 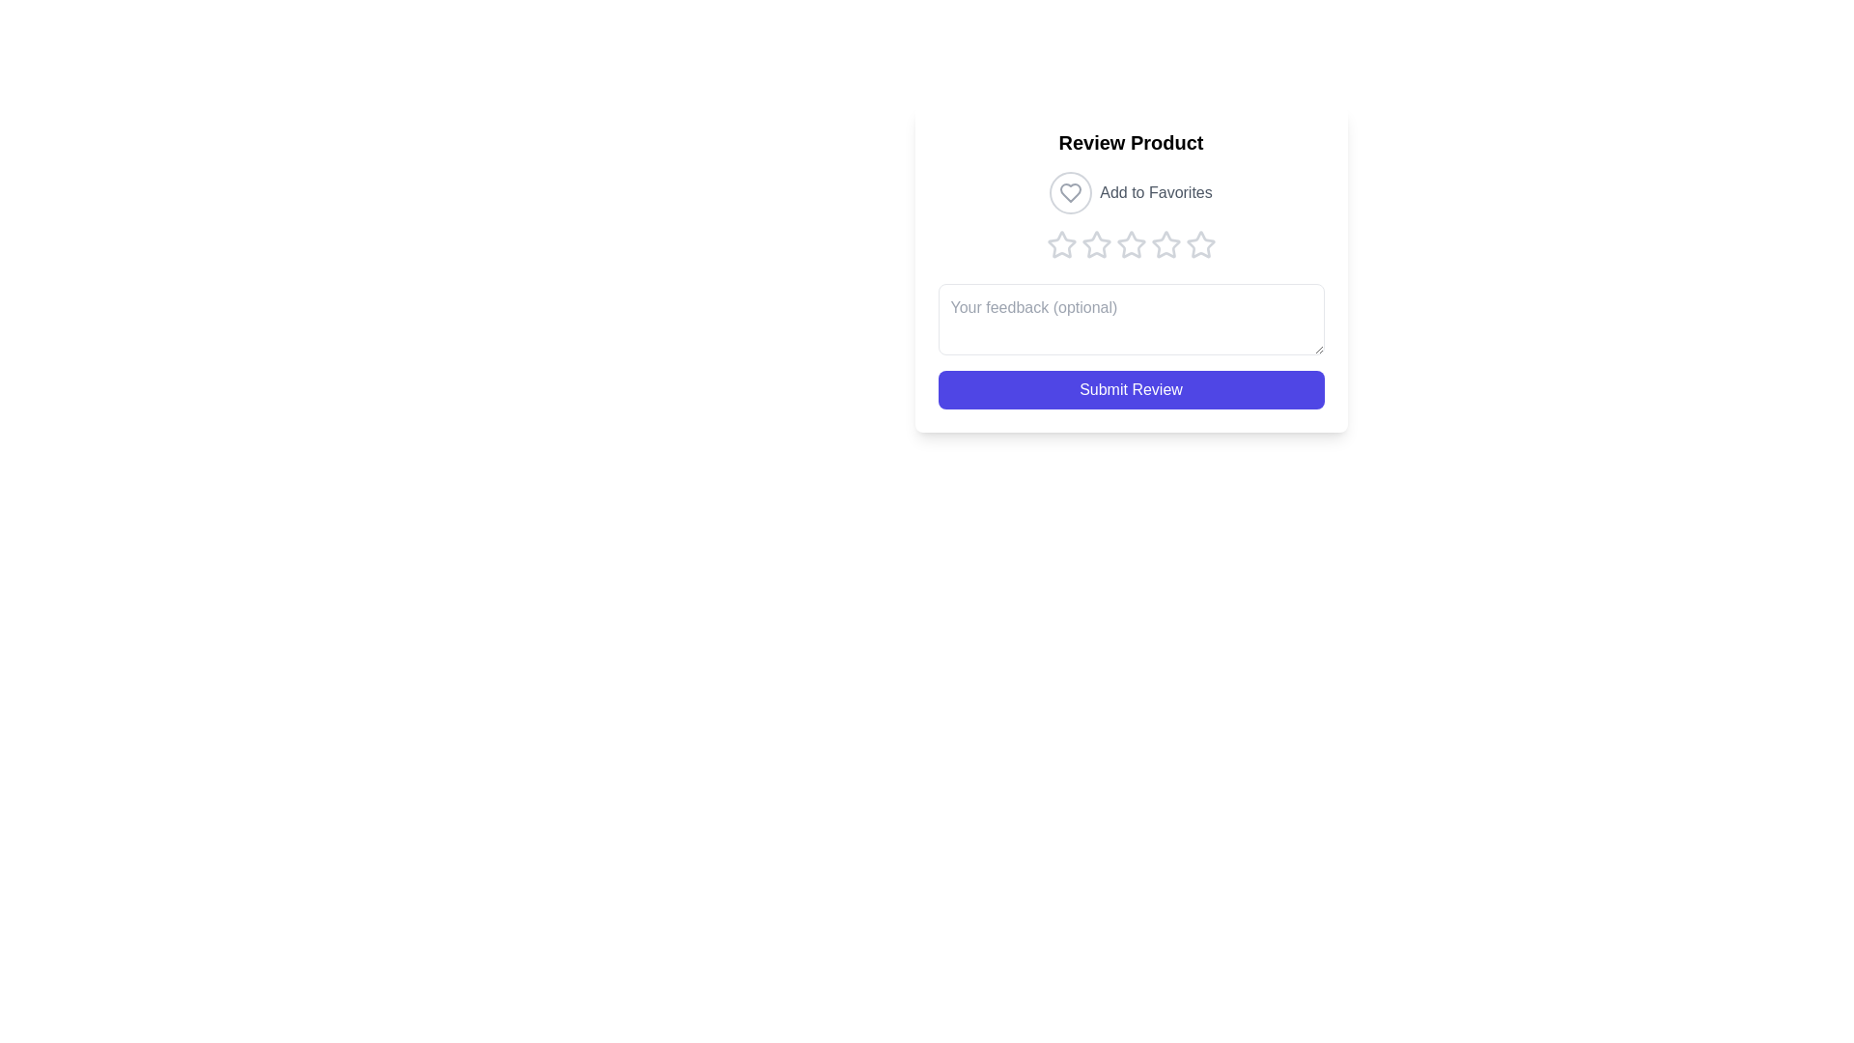 I want to click on the fourth star icon in the star rating system, which is hollow and light gray, so click(x=1165, y=244).